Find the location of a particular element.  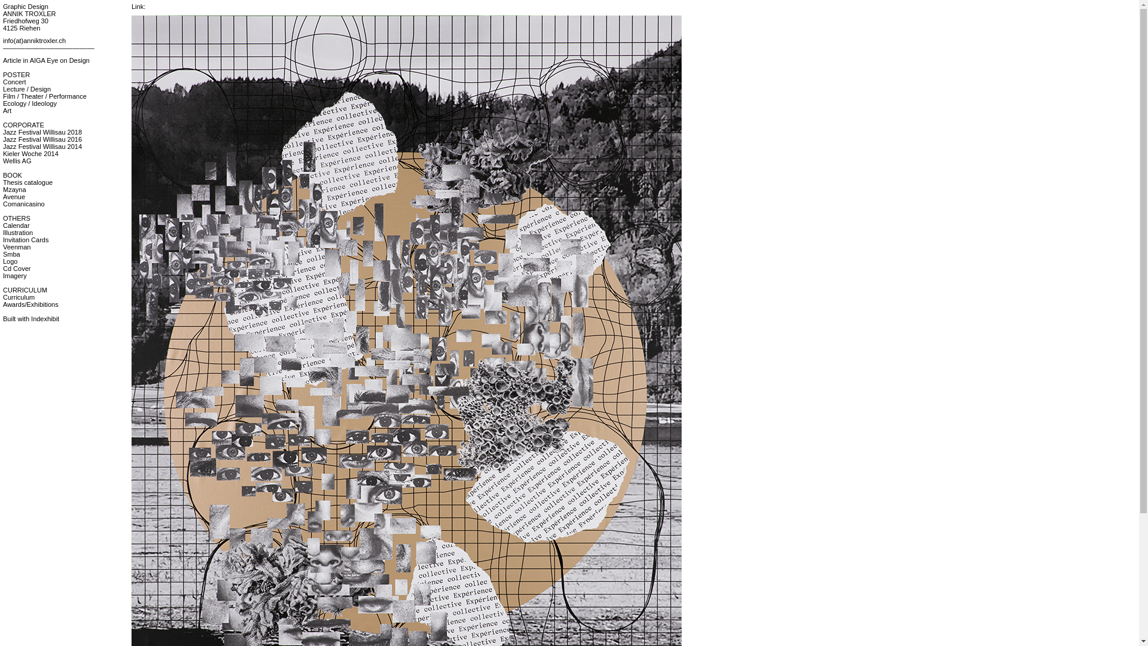

'info(at)anniktroxler.ch' is located at coordinates (2, 40).